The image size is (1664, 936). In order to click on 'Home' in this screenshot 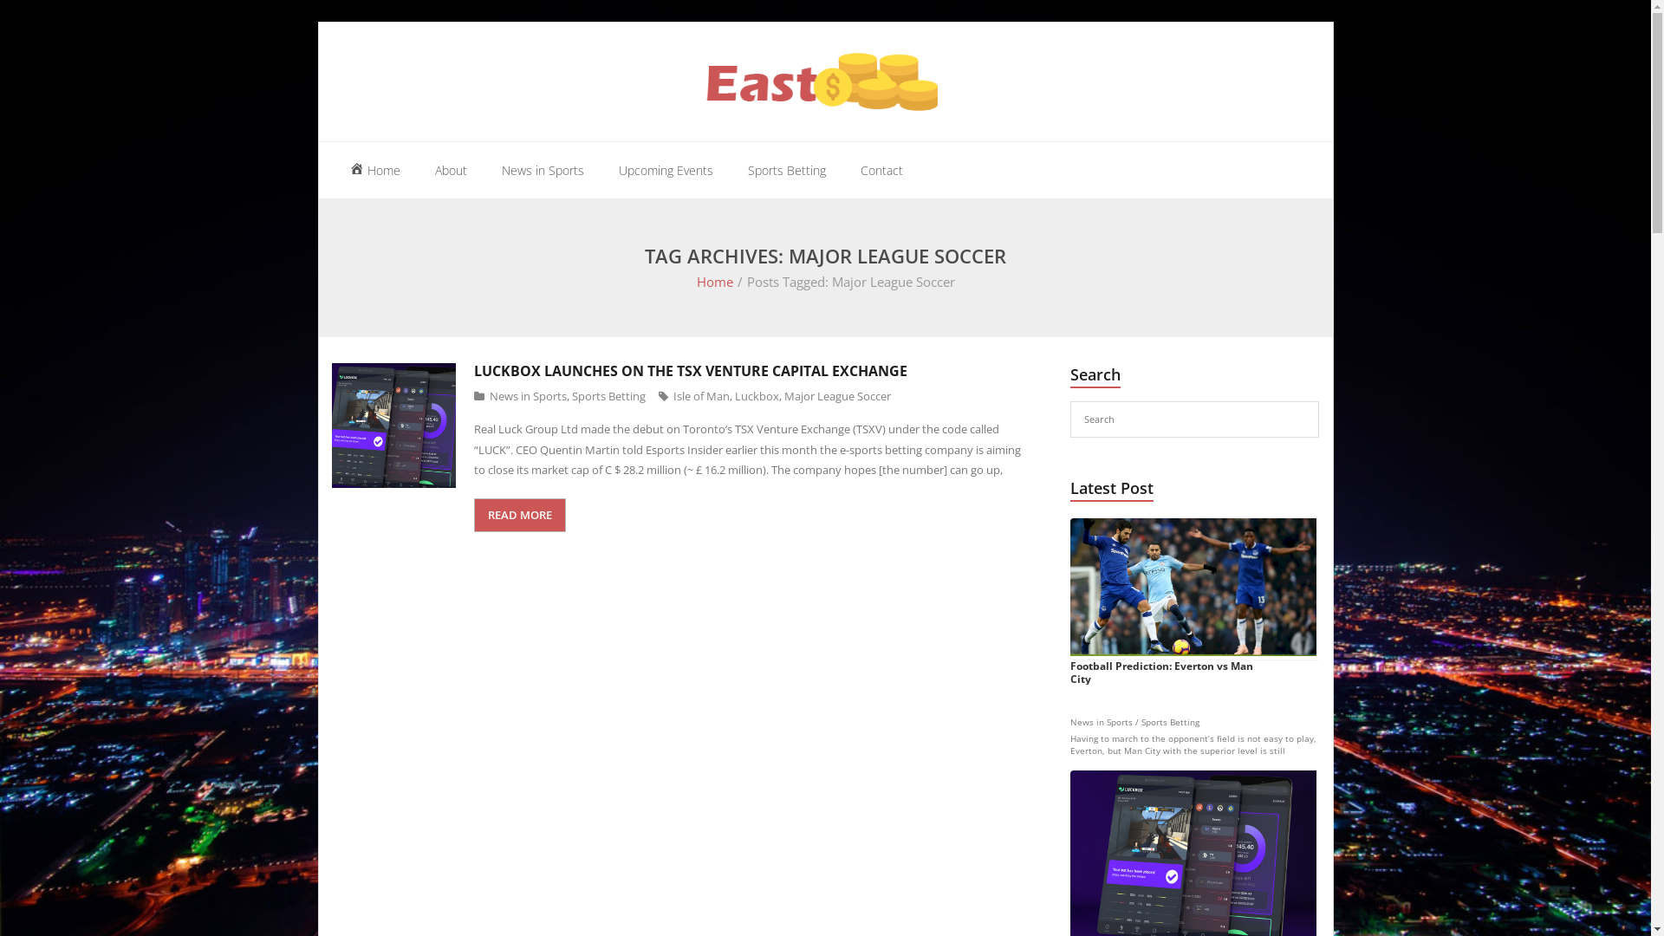, I will do `click(715, 280)`.